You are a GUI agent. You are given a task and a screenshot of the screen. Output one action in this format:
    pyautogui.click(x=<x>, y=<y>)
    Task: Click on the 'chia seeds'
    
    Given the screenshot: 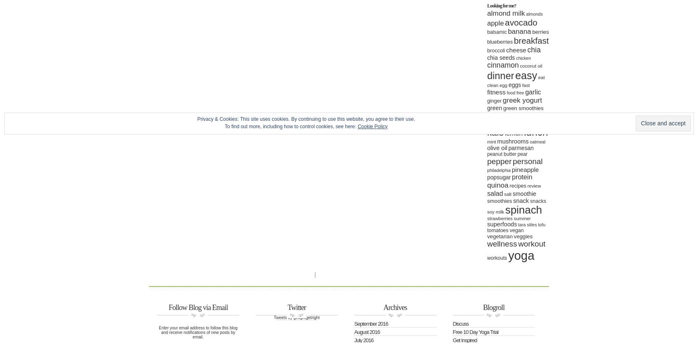 What is the action you would take?
    pyautogui.click(x=501, y=58)
    